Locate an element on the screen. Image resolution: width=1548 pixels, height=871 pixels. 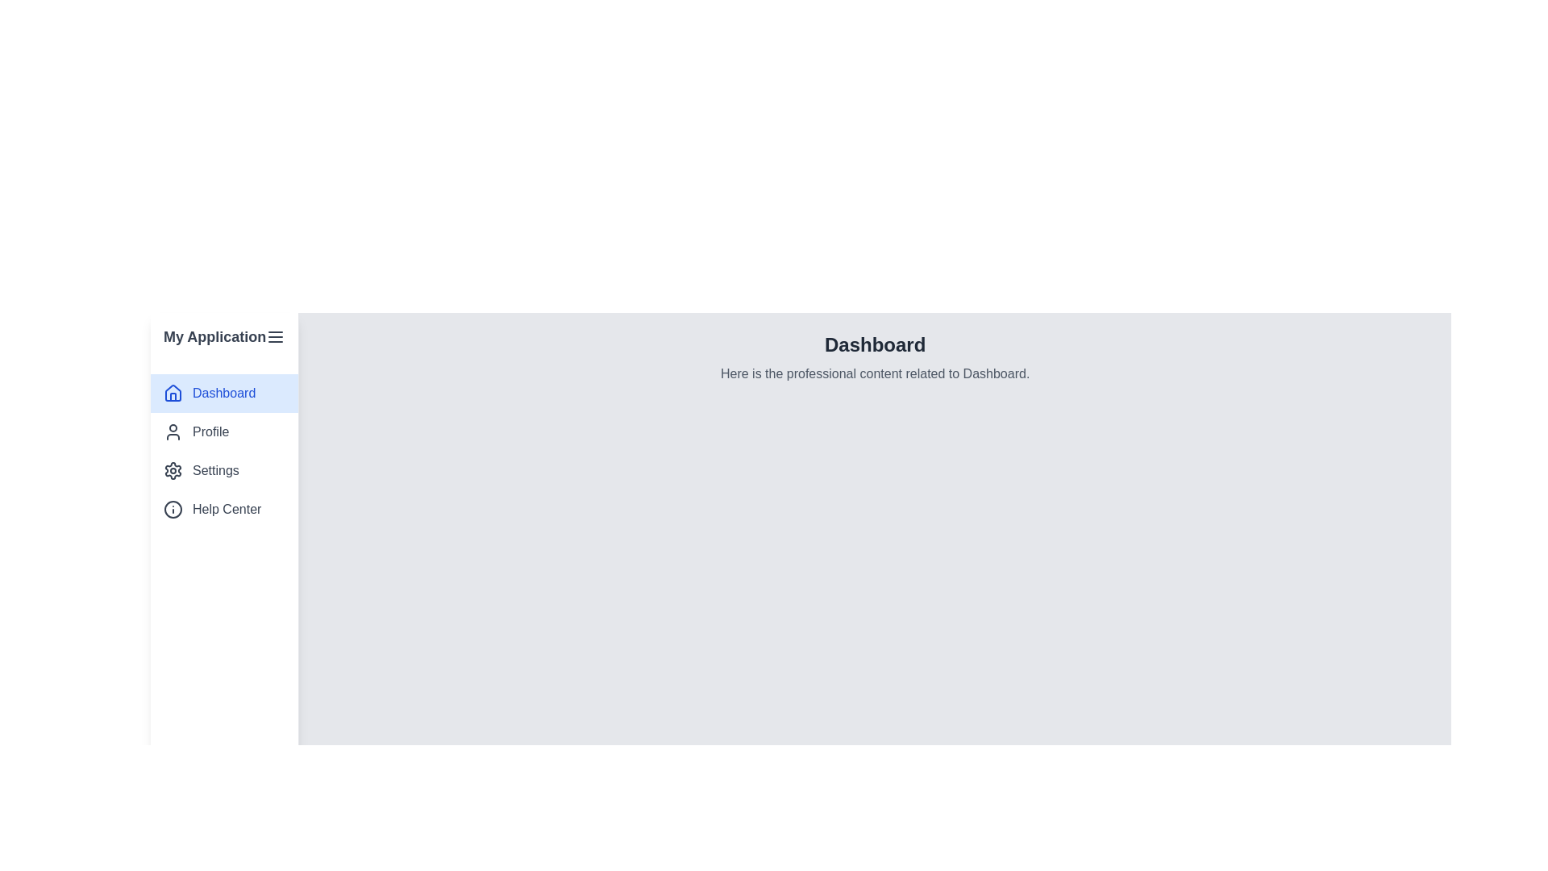
the toggle button located on the right side of the top navigation bar, adjacent to the 'My Application' text is located at coordinates (276, 335).